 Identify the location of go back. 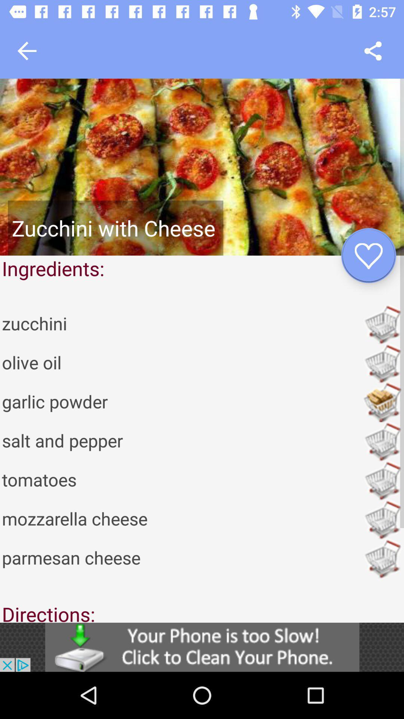
(27, 51).